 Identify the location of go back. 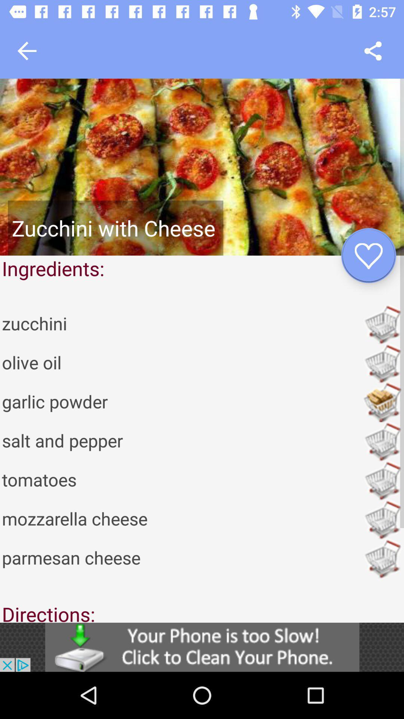
(27, 51).